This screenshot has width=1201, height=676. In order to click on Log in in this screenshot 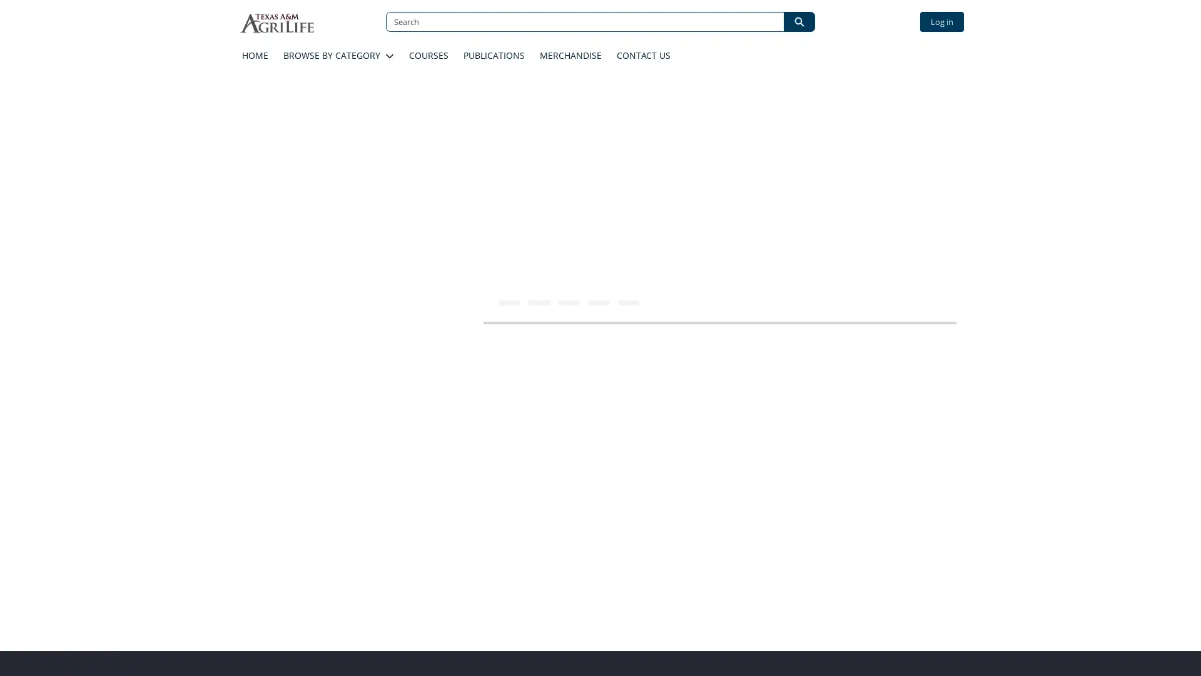, I will do `click(942, 21)`.